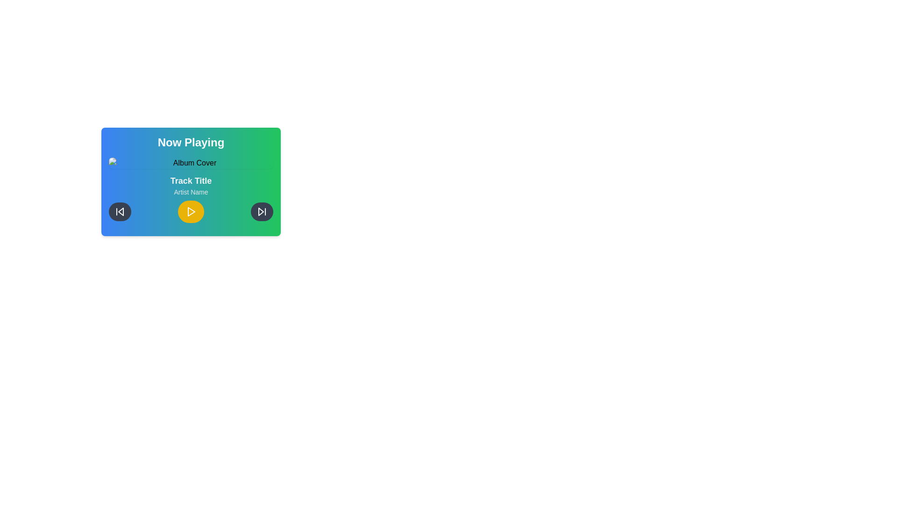  I want to click on the 'Track Title' text label which displays in large bold white font against a blue to green gradient background, located in the 'Now Playing' section of the interface, so click(190, 180).